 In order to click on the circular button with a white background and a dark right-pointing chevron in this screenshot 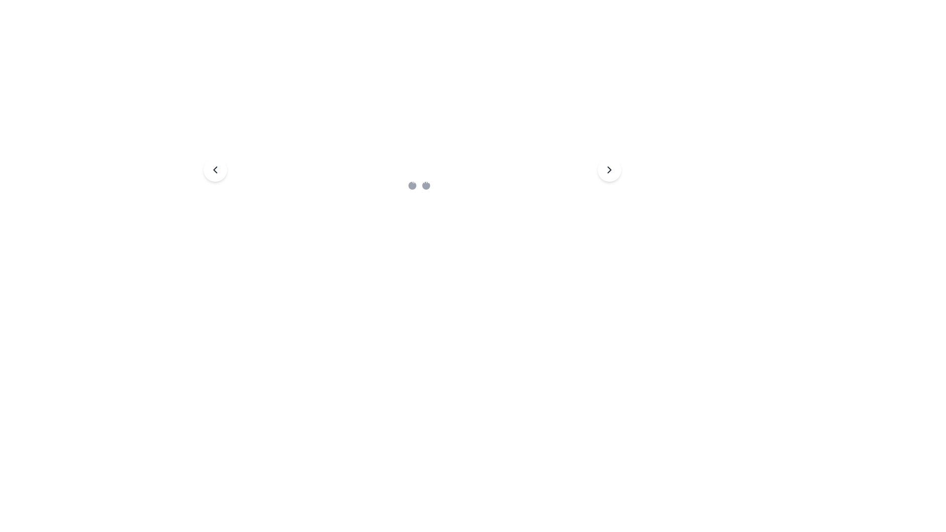, I will do `click(608, 169)`.